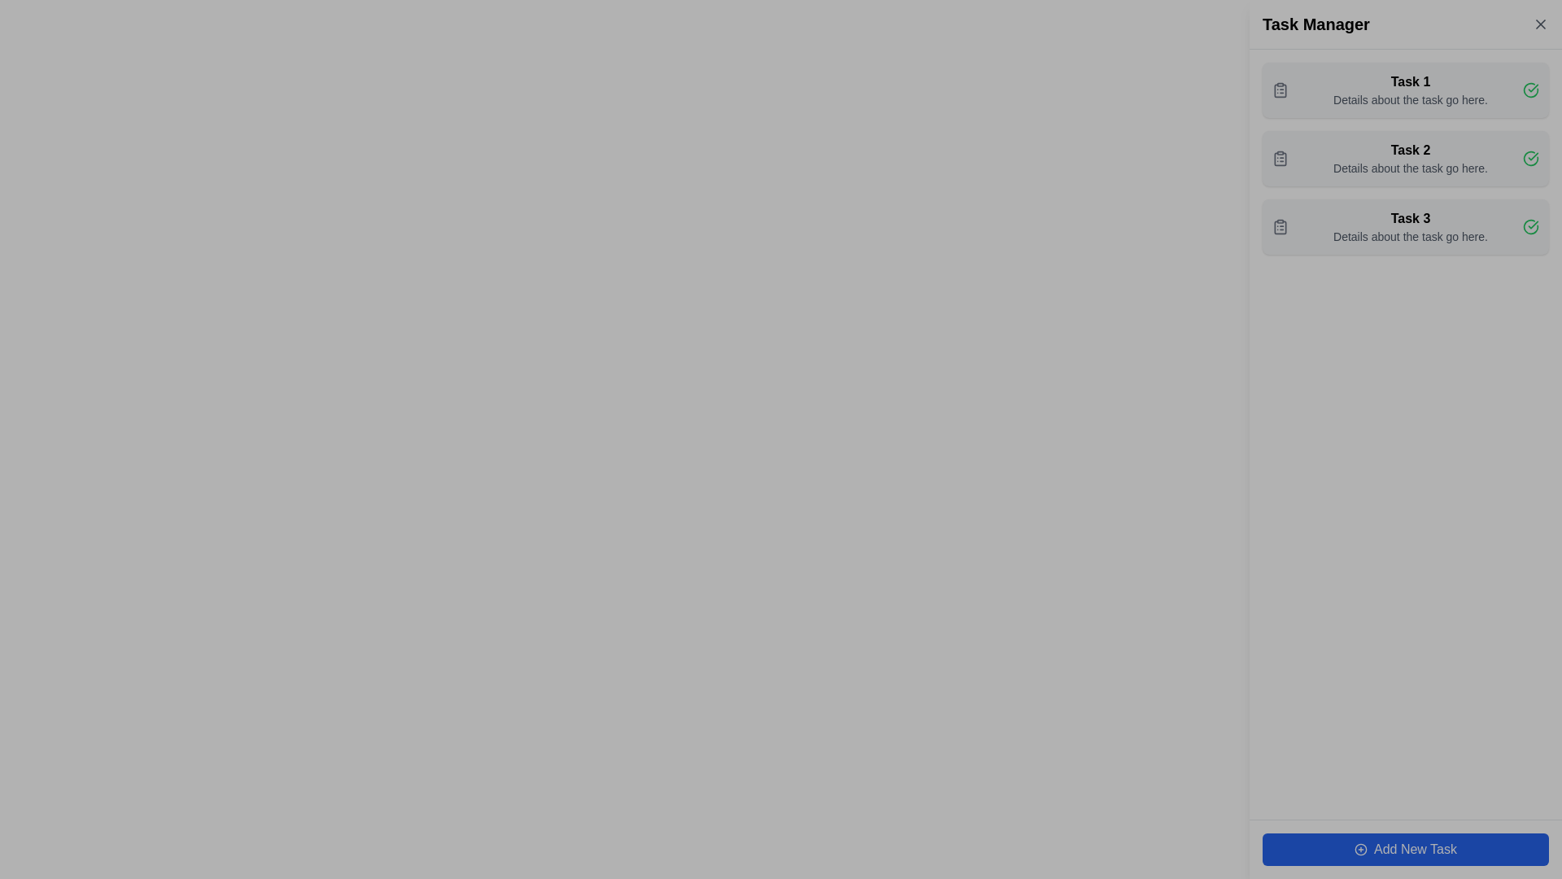 The height and width of the screenshot is (879, 1562). Describe the element at coordinates (1529, 90) in the screenshot. I see `the status indicator icon located to the far right of 'Task 2' in the vertical list of tasks` at that location.